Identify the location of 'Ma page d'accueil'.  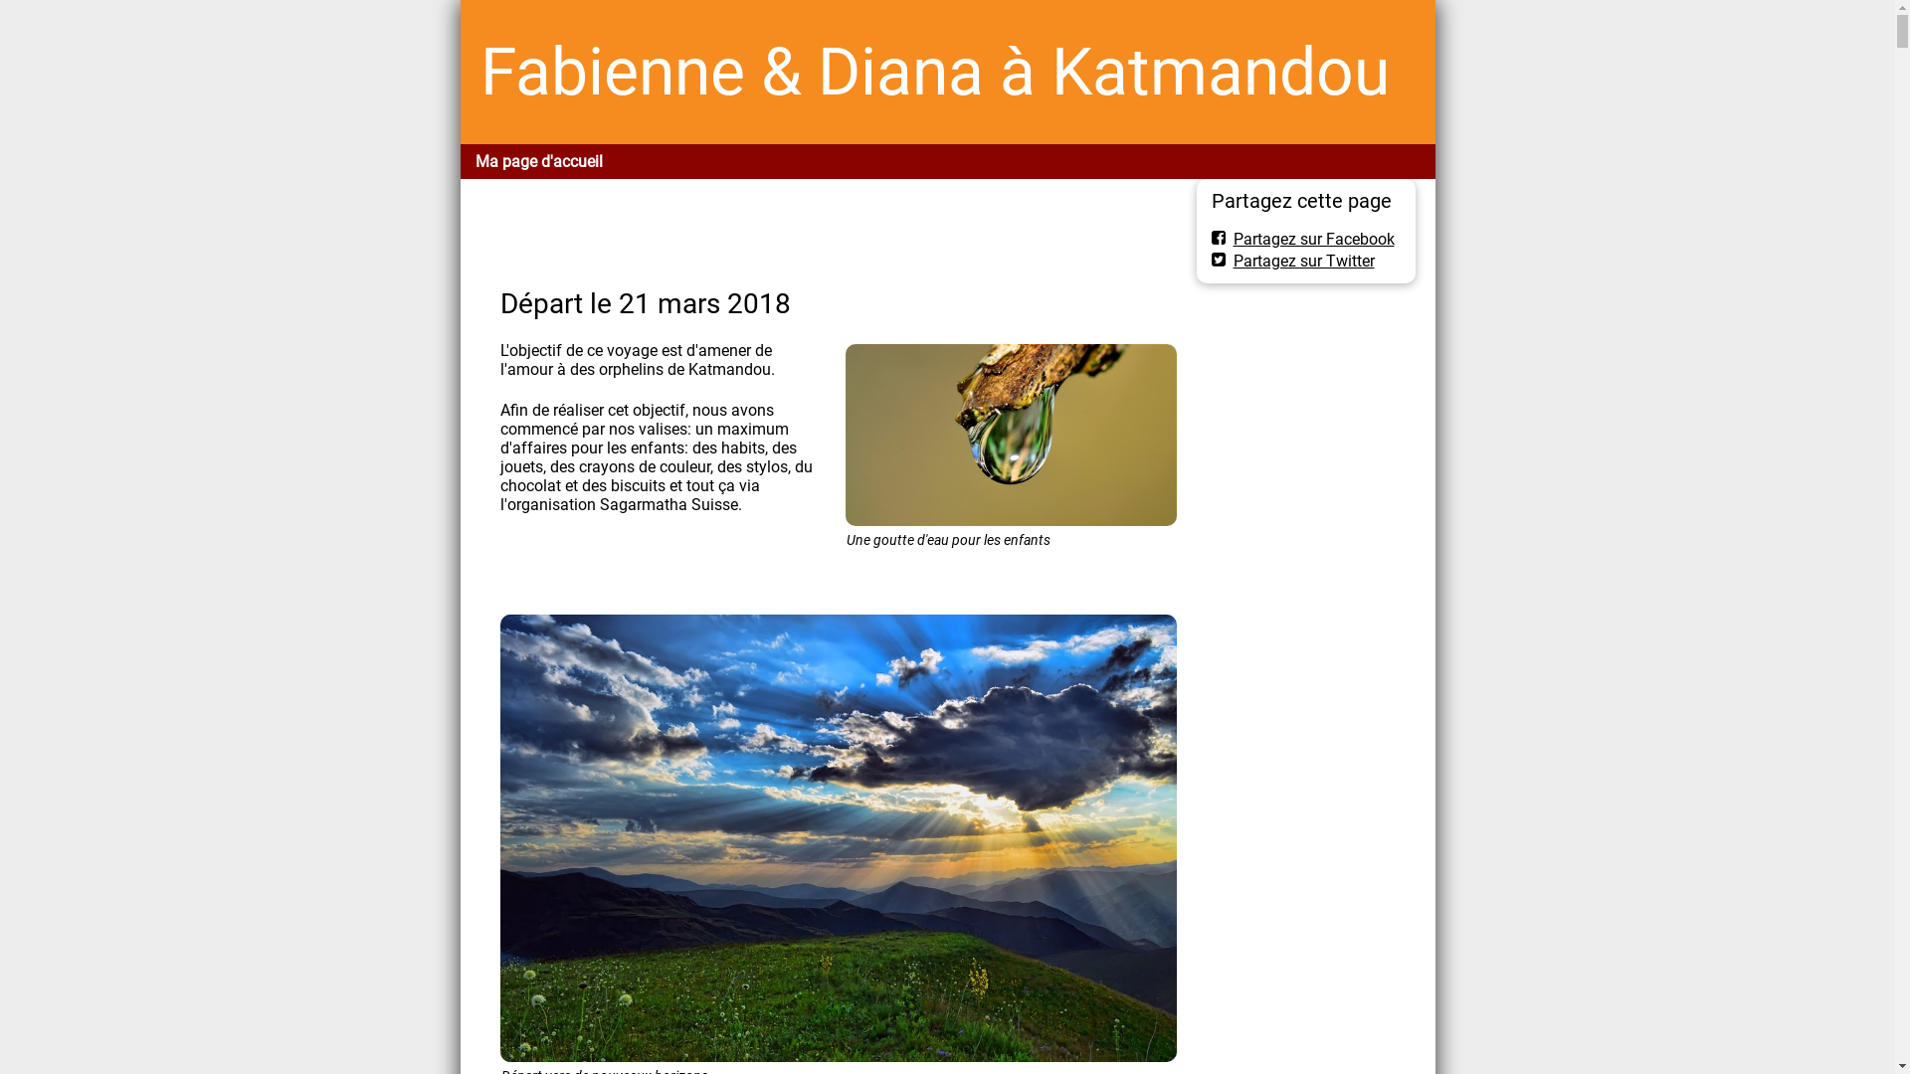
(538, 160).